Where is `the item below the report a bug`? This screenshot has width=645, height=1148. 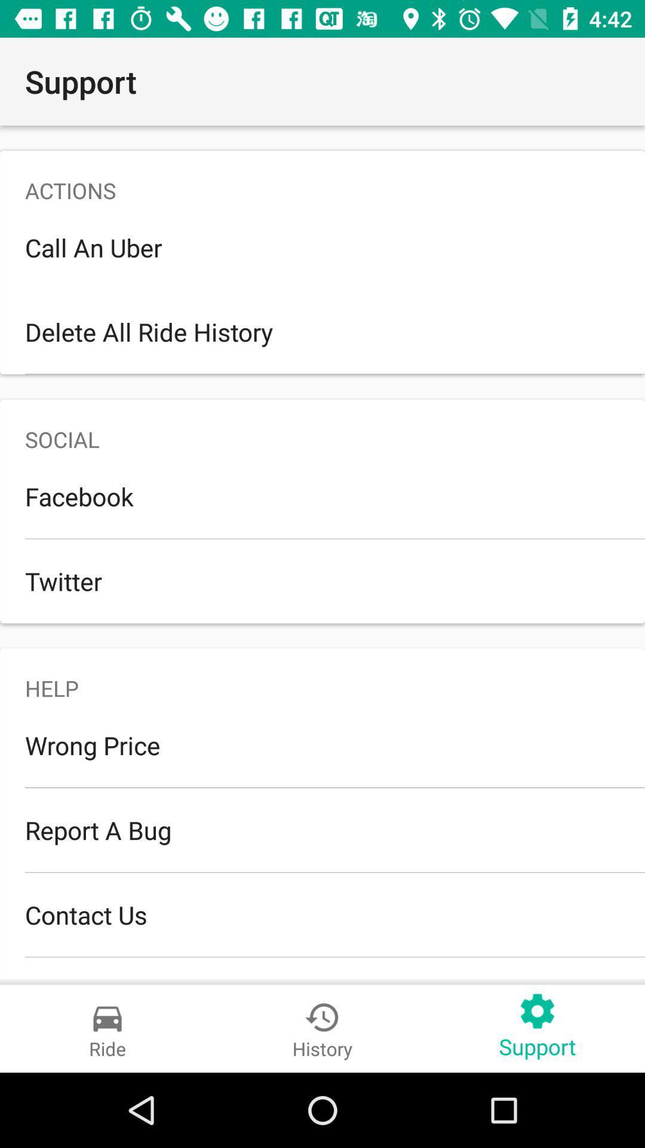 the item below the report a bug is located at coordinates (322, 914).